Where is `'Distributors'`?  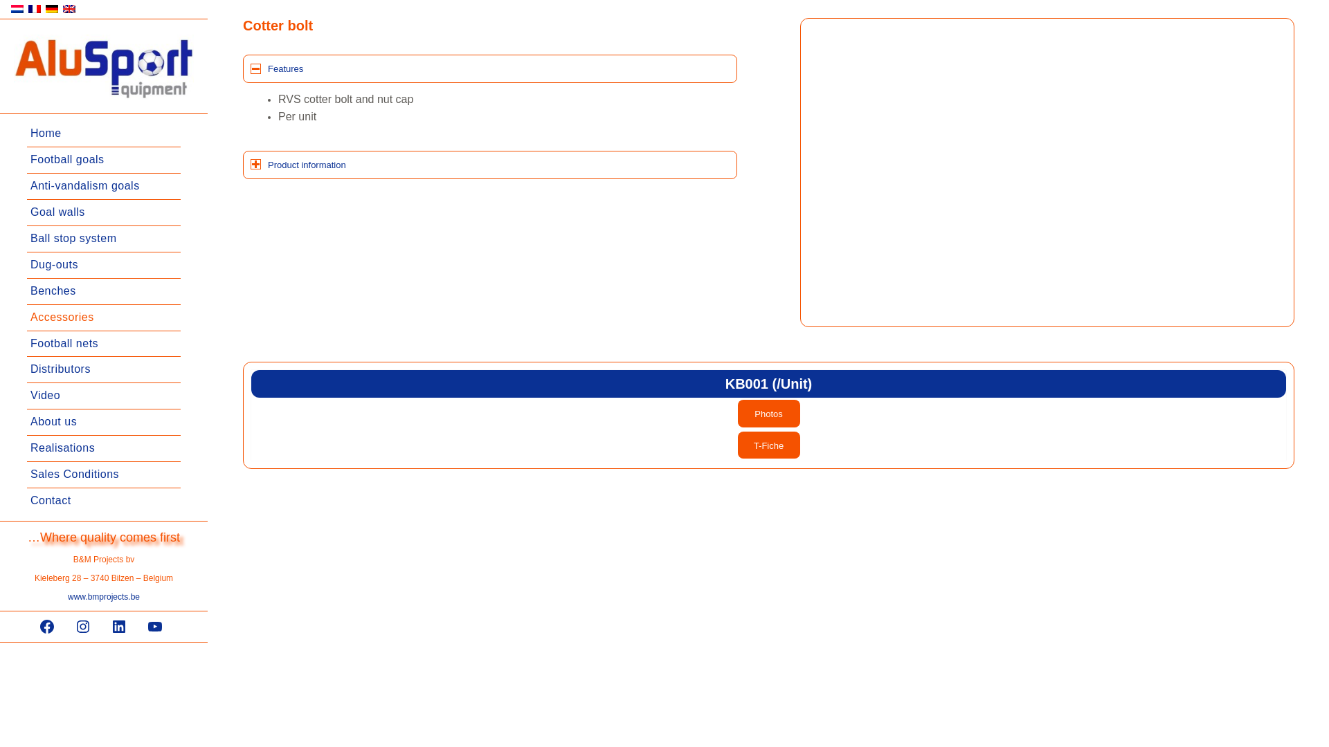
'Distributors' is located at coordinates (102, 369).